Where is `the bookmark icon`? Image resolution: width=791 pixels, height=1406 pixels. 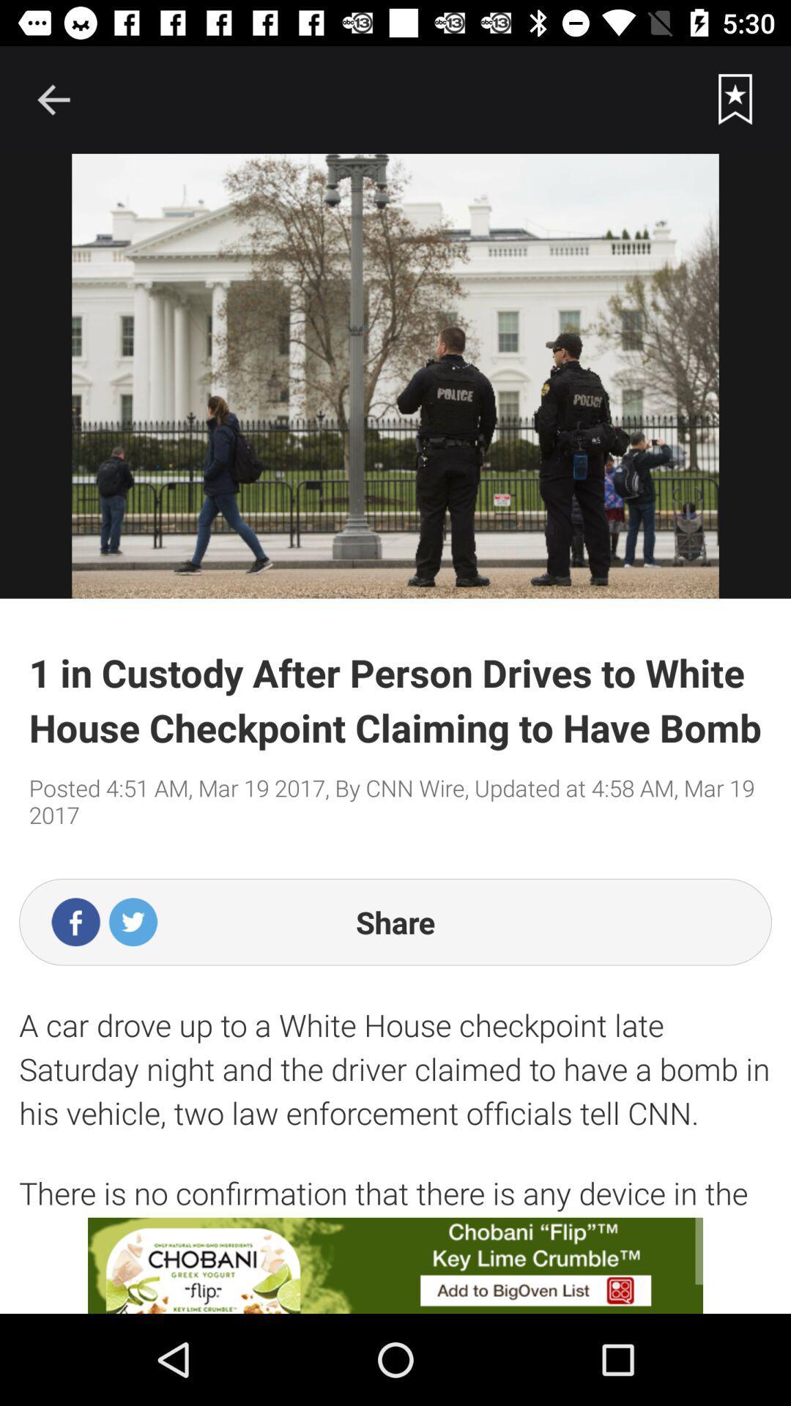 the bookmark icon is located at coordinates (735, 99).